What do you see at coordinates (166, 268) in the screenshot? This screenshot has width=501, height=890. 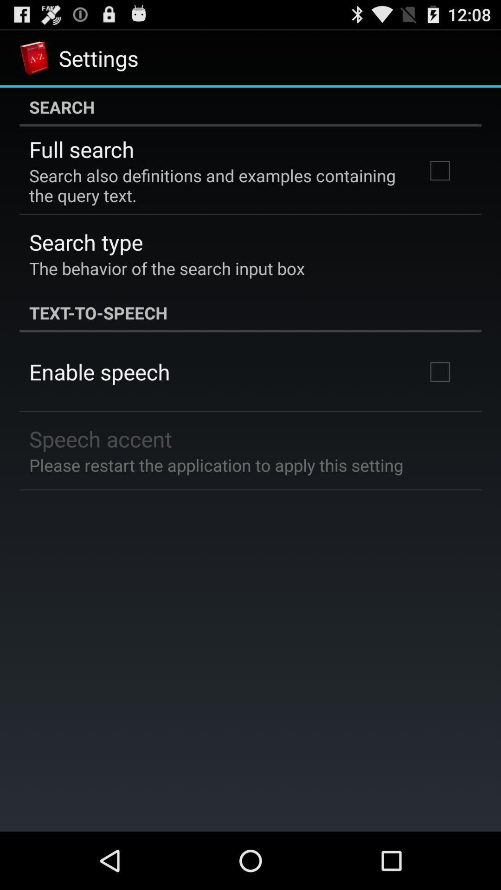 I see `item below the search type app` at bounding box center [166, 268].